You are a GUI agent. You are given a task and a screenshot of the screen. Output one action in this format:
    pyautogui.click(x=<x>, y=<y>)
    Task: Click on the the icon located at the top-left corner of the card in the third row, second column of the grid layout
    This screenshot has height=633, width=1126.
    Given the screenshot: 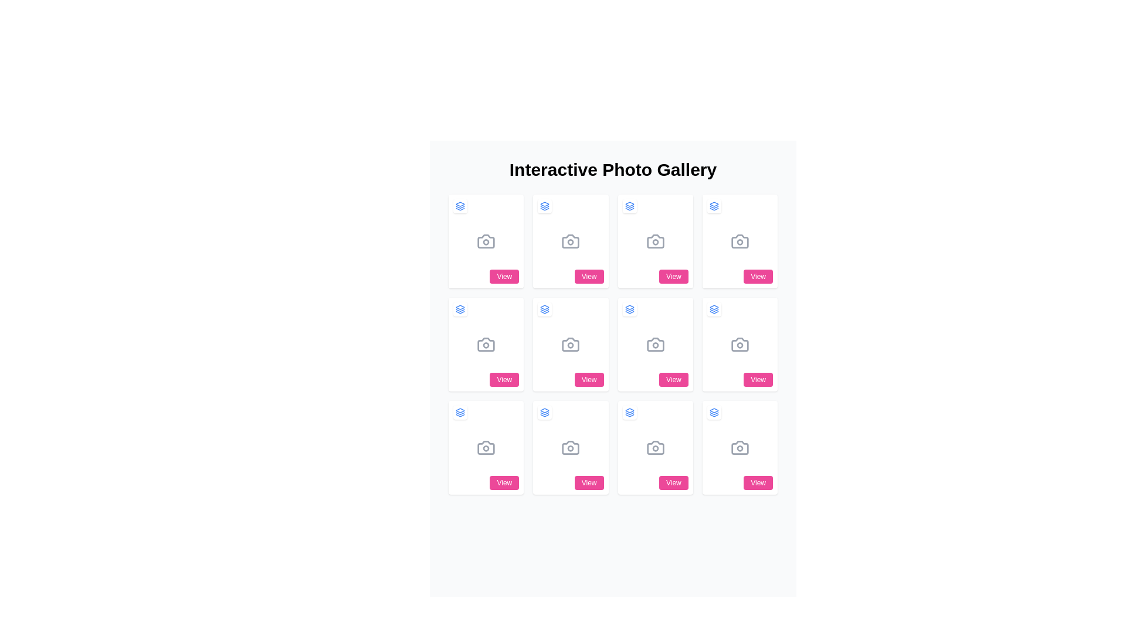 What is the action you would take?
    pyautogui.click(x=544, y=309)
    